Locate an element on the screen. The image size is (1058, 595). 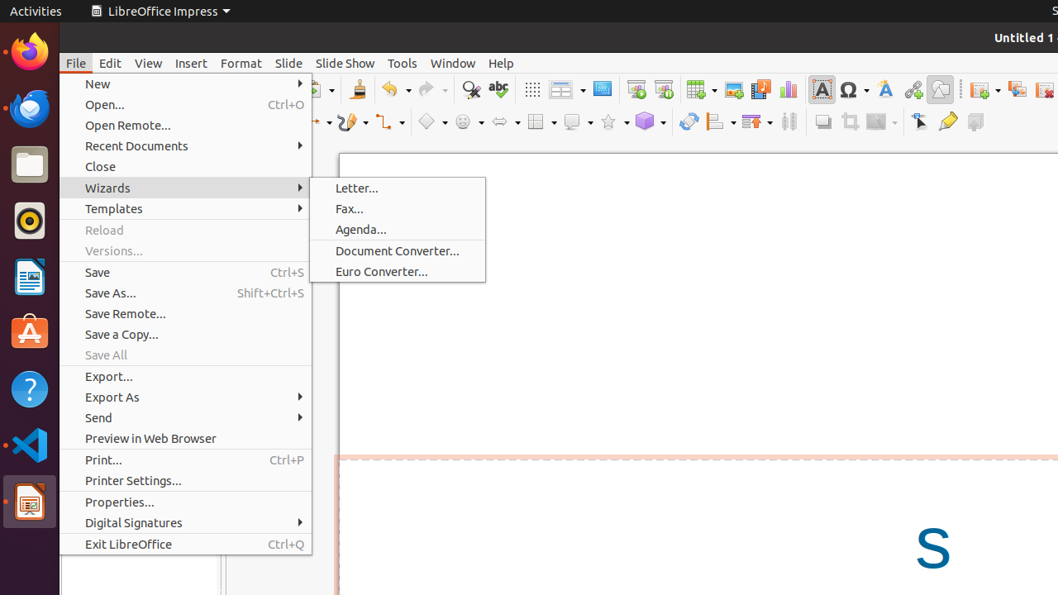
'Letter...' is located at coordinates (398, 187).